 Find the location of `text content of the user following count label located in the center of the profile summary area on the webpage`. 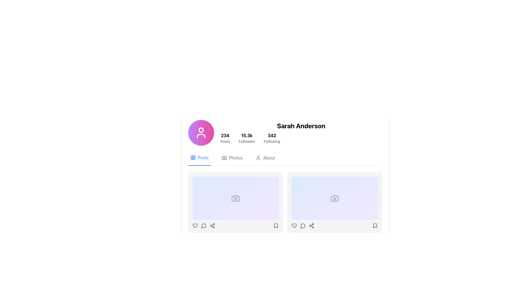

text content of the user following count label located in the center of the profile summary area on the webpage is located at coordinates (272, 135).